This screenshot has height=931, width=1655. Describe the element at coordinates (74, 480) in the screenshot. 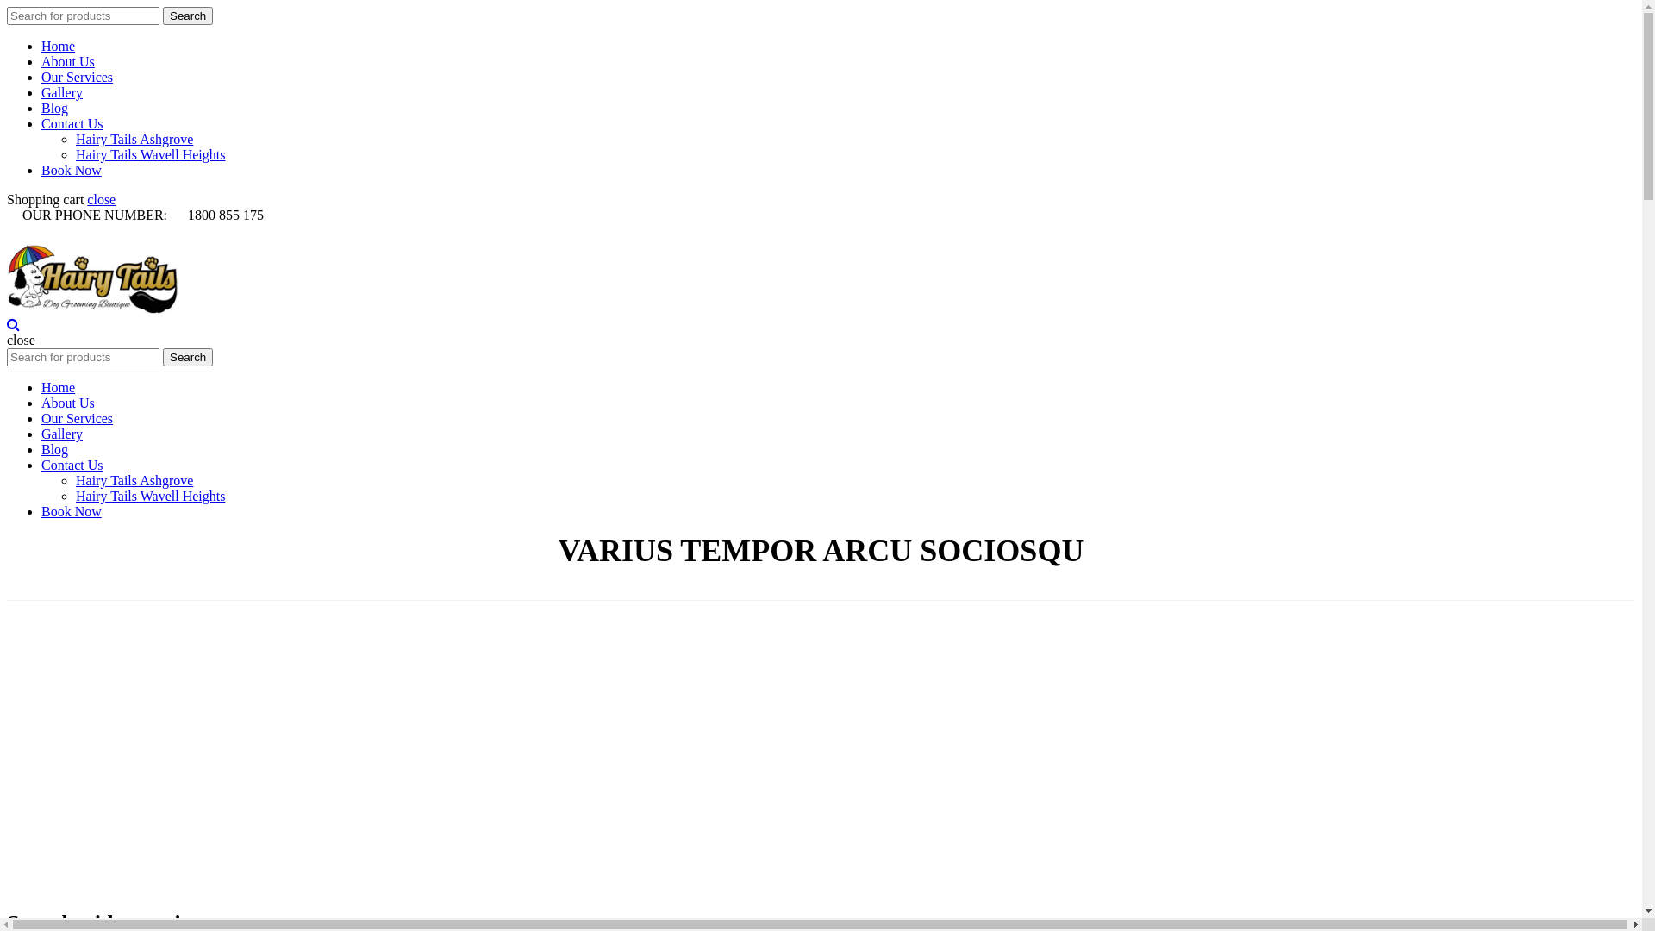

I see `'Hairy Tails Ashgrove'` at that location.